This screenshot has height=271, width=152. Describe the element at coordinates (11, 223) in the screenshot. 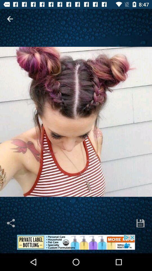

I see `share` at that location.